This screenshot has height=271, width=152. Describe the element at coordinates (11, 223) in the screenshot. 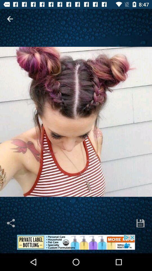

I see `share` at that location.